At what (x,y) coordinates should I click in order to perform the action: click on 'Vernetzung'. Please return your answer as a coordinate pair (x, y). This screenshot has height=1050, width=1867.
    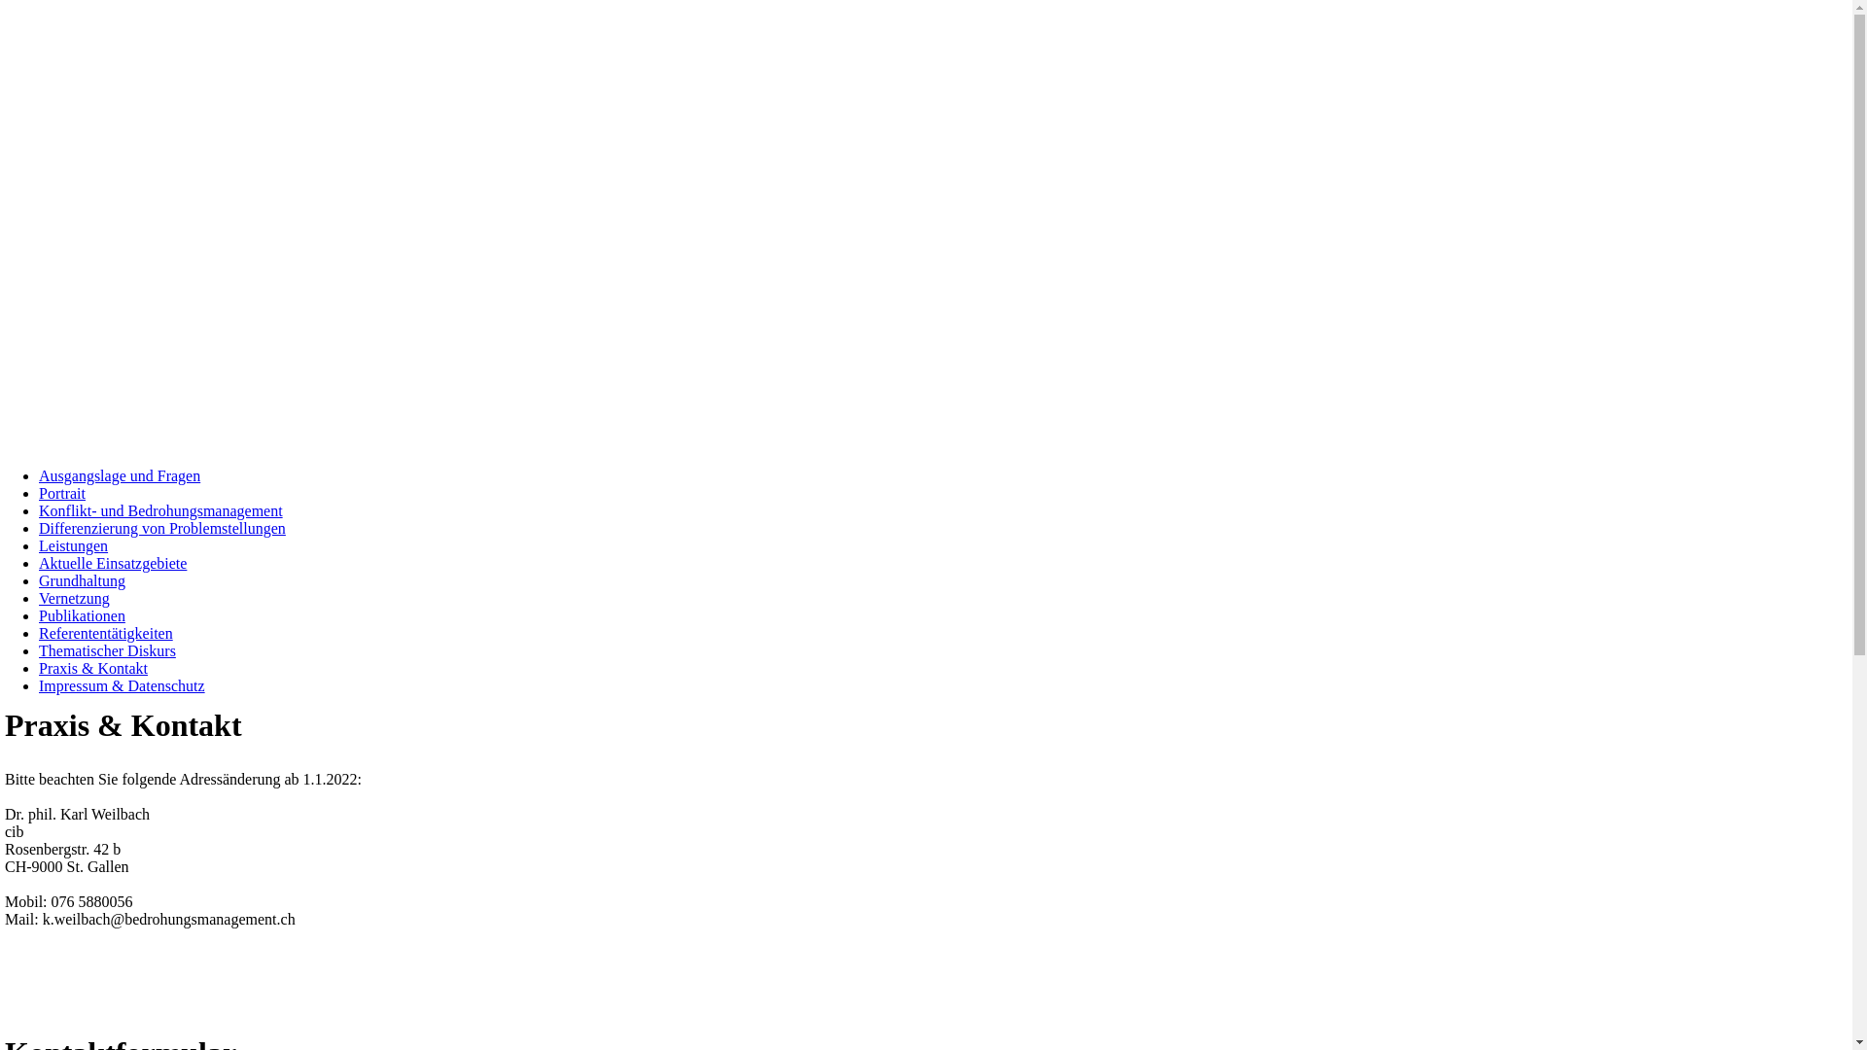
    Looking at the image, I should click on (38, 597).